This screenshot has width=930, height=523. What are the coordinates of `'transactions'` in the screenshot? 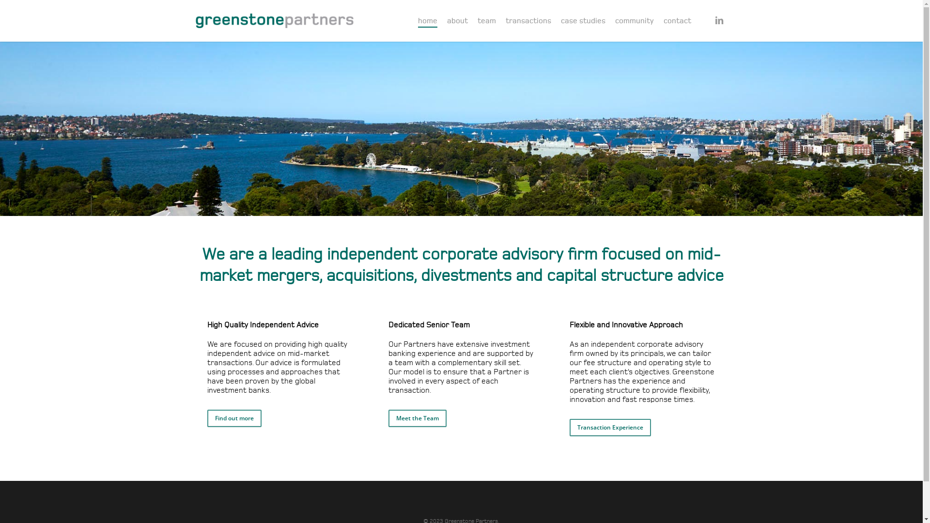 It's located at (527, 20).